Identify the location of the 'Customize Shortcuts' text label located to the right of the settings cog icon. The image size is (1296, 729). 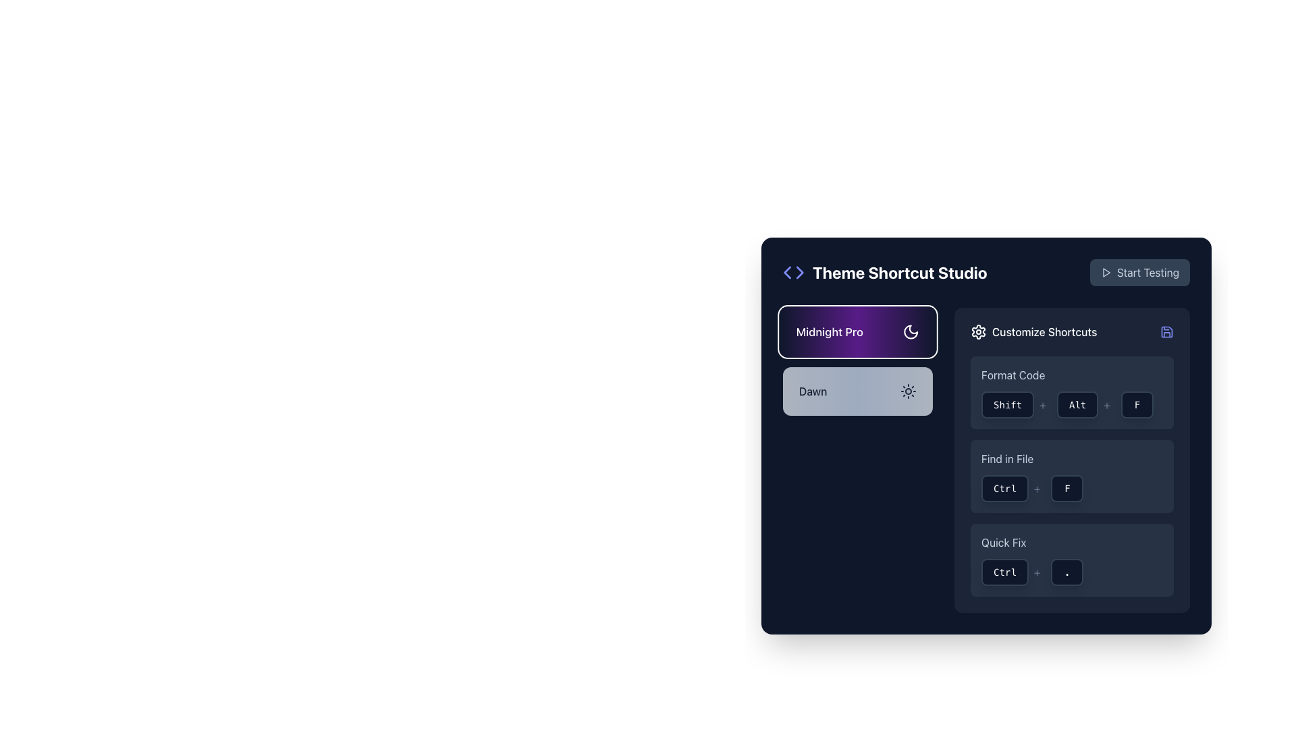
(1044, 332).